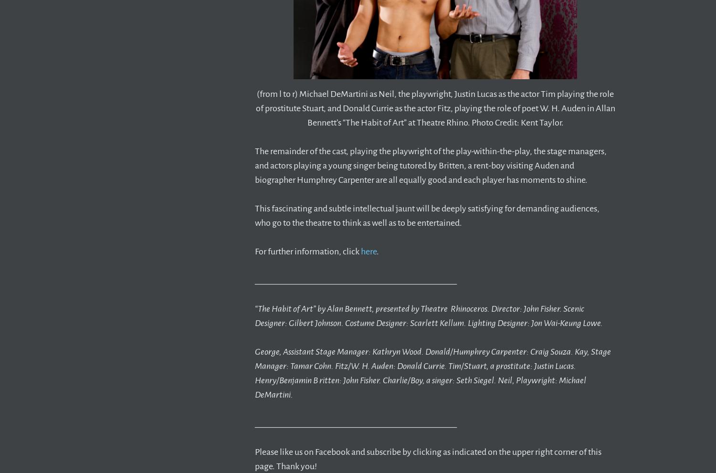 Image resolution: width=716 pixels, height=473 pixels. Describe the element at coordinates (255, 373) in the screenshot. I see `'George, Assistant Stage Manager: Kathryn Wood. Donald/Humphrey Carpenter: Craig Souza. Kay, Stage Manager: Tamar Cohn. Fitz/W. H. Auden: Donald Currie. Tim/Stuart, a prostitute: Justin Lucas. Henry/Benjamin B ritten: John Fisher. Charlie/Boy, a singer: Seth Siegel. Neil, Playwright: Michael DeMartini.'` at that location.